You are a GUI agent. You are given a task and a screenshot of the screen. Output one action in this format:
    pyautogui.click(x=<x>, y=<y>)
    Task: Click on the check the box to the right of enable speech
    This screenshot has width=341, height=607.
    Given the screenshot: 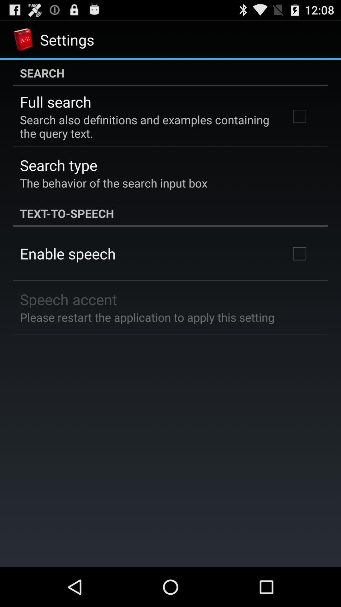 What is the action you would take?
    pyautogui.click(x=299, y=254)
    